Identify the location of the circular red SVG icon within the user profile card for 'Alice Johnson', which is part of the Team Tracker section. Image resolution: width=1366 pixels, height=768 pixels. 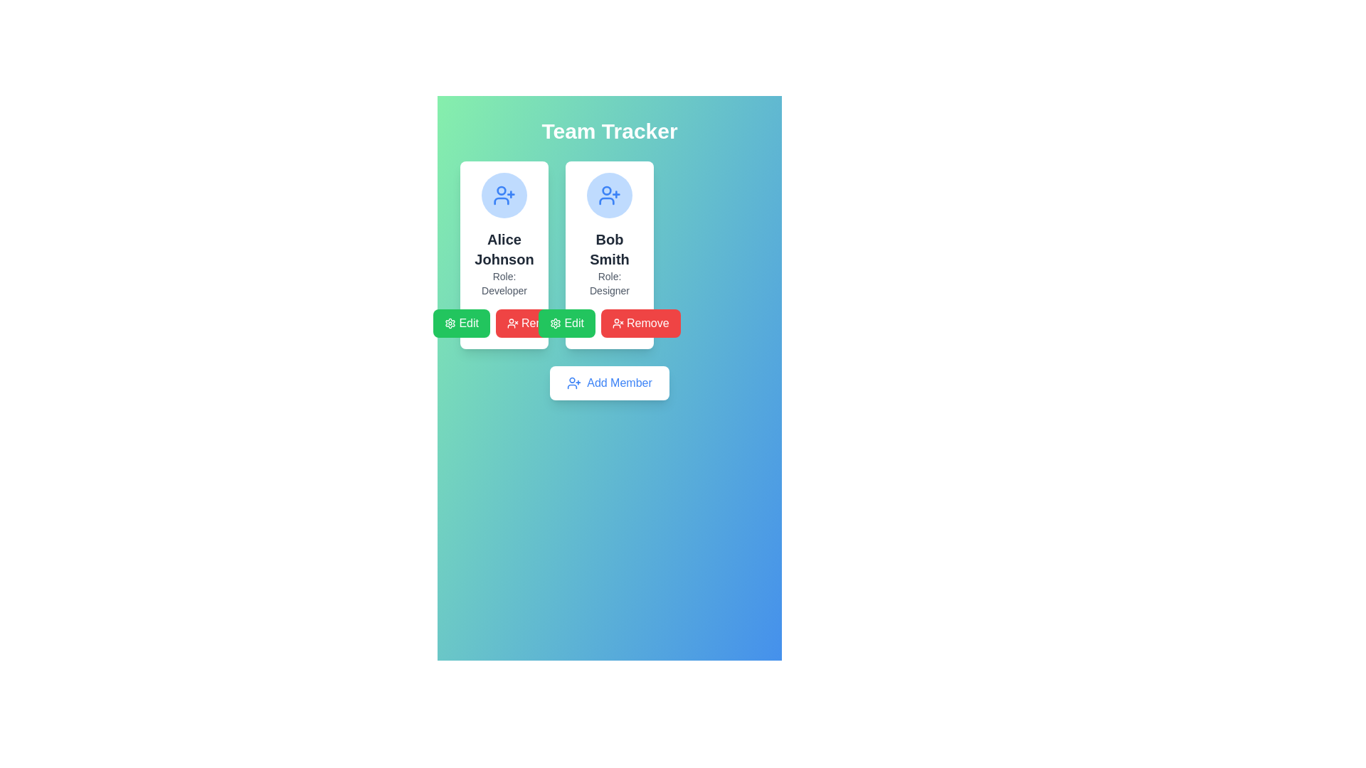
(502, 189).